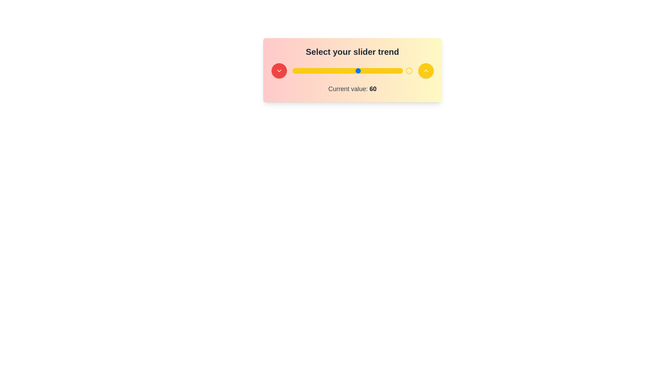 This screenshot has height=377, width=671. Describe the element at coordinates (279, 71) in the screenshot. I see `decrease button to lower the value` at that location.